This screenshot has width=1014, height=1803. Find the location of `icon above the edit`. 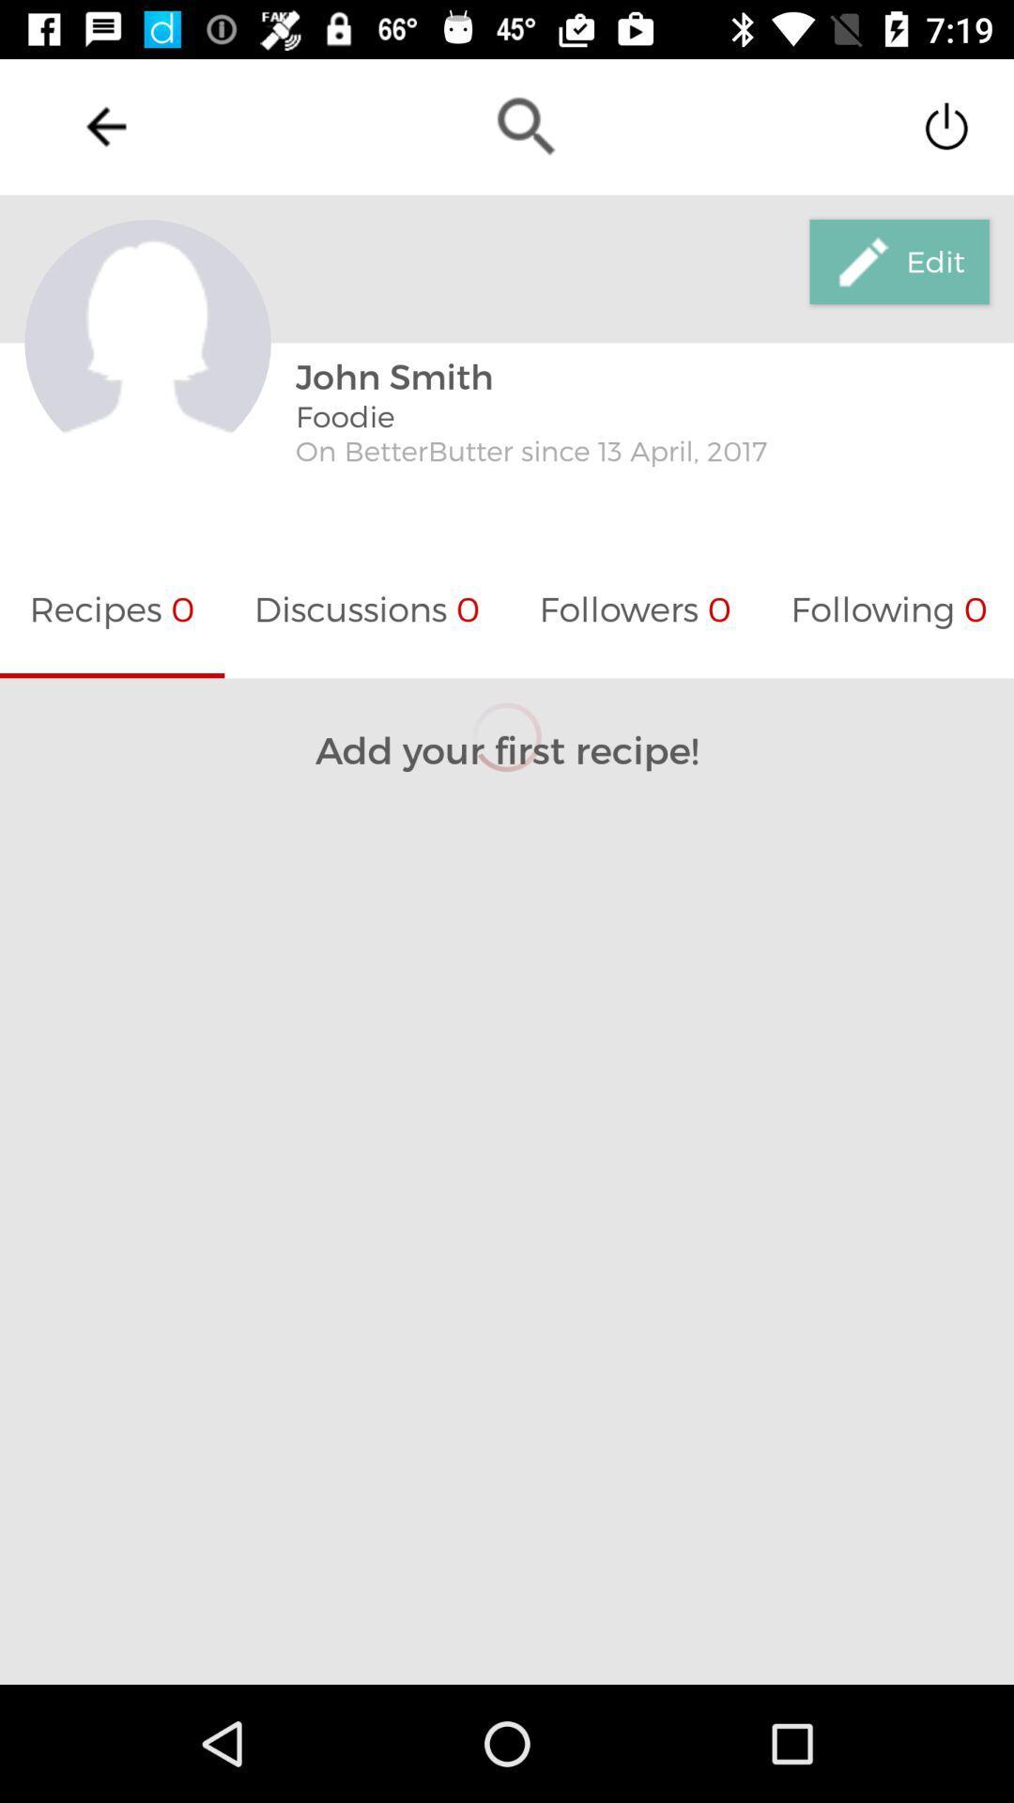

icon above the edit is located at coordinates (946, 125).